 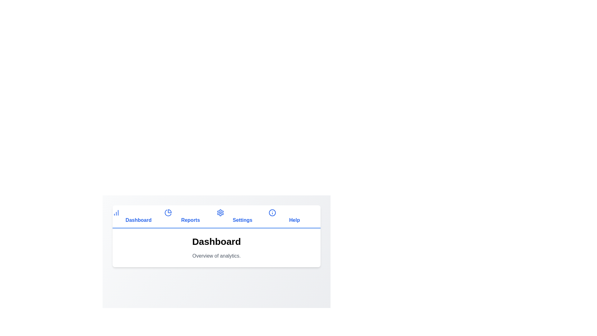 What do you see at coordinates (216, 248) in the screenshot?
I see `static informational text element that contains the bold header 'Dashboard' and the description 'Overview of analytics.' positioned centrally within the main content area of the card` at bounding box center [216, 248].